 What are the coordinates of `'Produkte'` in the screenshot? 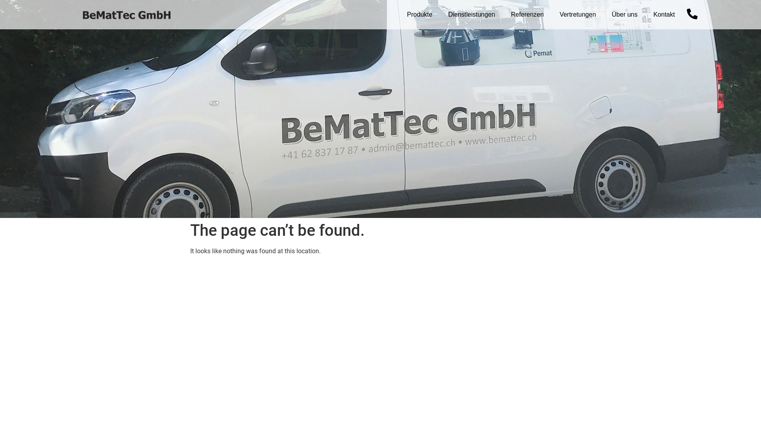 It's located at (419, 15).